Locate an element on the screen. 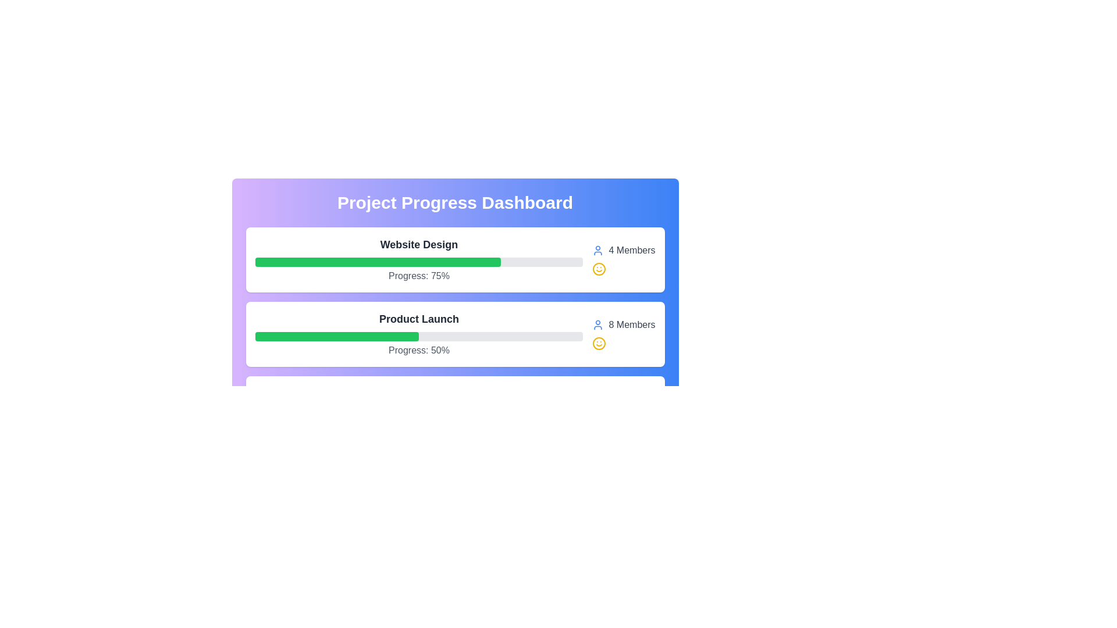 Image resolution: width=1117 pixels, height=628 pixels. the '4 Members' text with an associated user icon located in the top project card on the right side is located at coordinates (623, 259).